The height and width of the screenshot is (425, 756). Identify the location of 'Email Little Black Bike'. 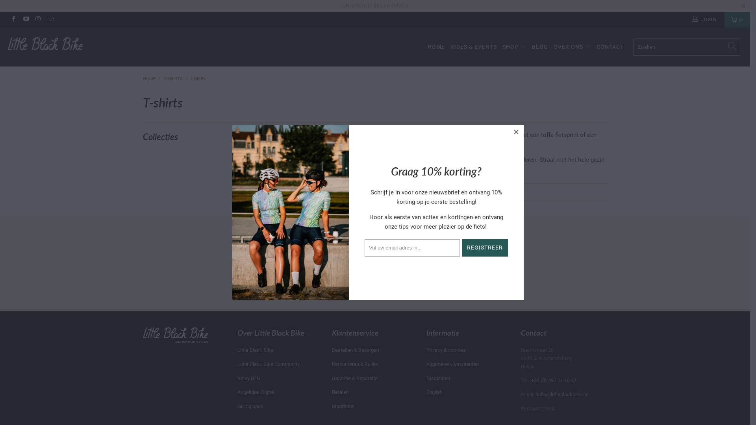
(46, 19).